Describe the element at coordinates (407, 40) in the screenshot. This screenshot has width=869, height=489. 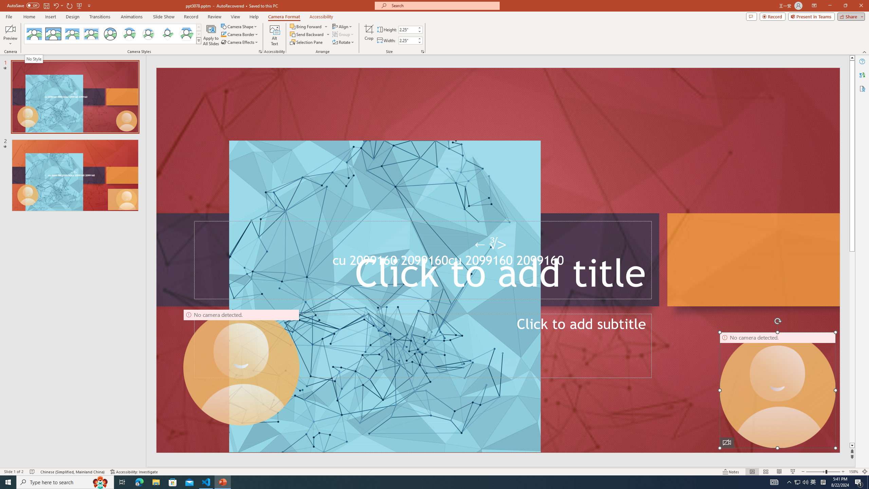
I see `'Cameo Width'` at that location.